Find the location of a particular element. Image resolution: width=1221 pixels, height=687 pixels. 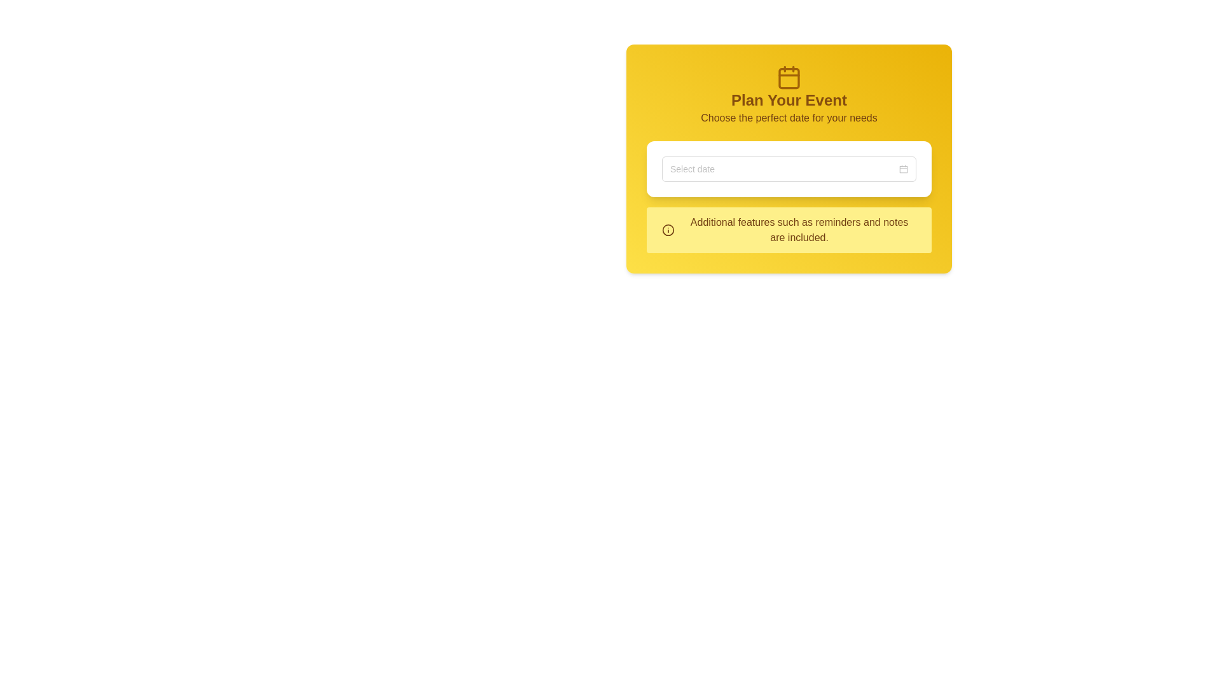

the small calendar icon located at the right edge of the date selection input field within a yellow user interface card is located at coordinates (902, 169).